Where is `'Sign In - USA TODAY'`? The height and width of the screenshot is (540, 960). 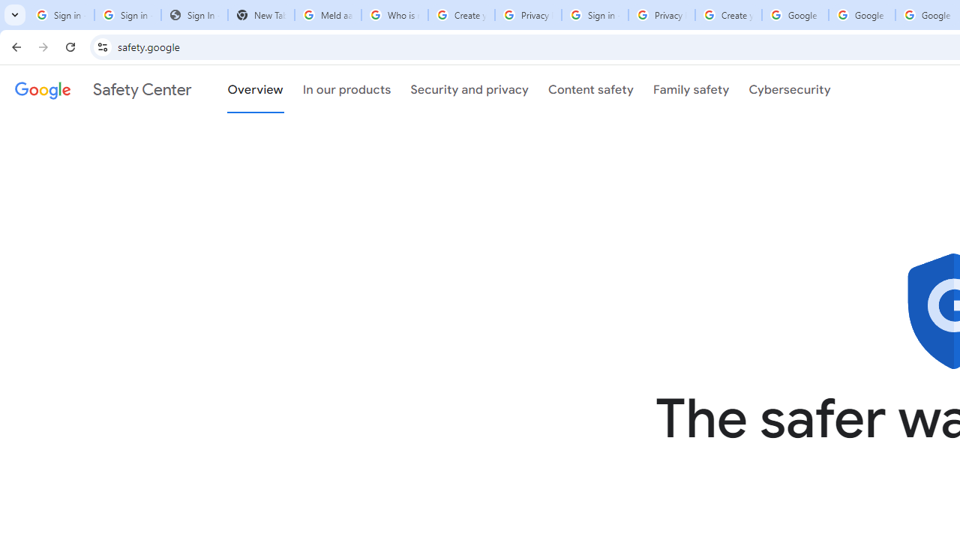 'Sign In - USA TODAY' is located at coordinates (193, 15).